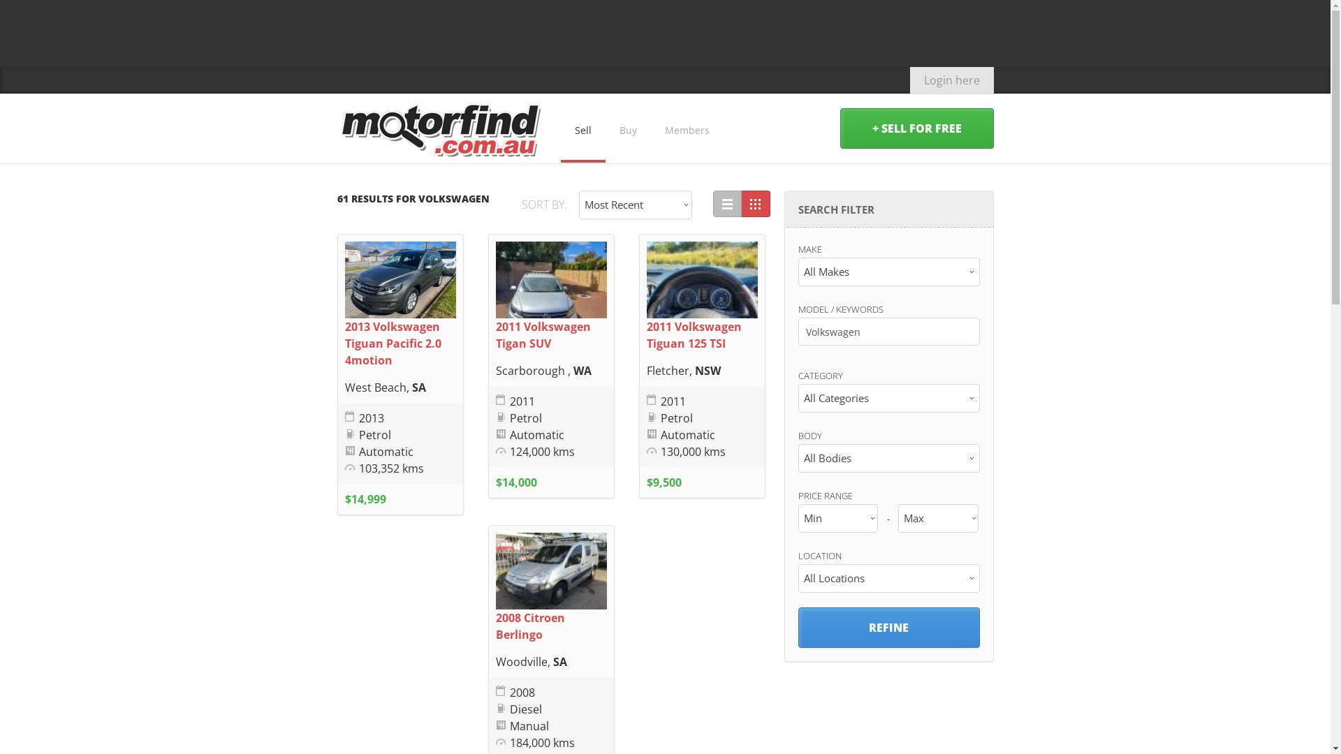 The image size is (1341, 754). What do you see at coordinates (916, 128) in the screenshot?
I see `'+ SELL FOR FREE'` at bounding box center [916, 128].